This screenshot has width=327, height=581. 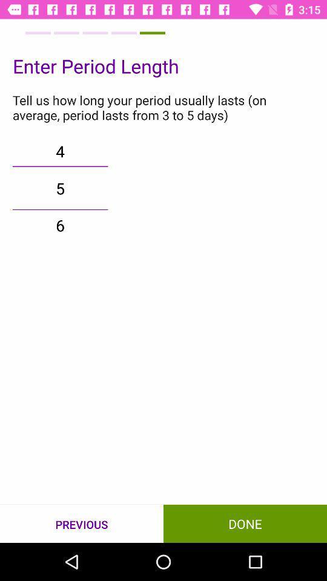 I want to click on the done icon, so click(x=245, y=523).